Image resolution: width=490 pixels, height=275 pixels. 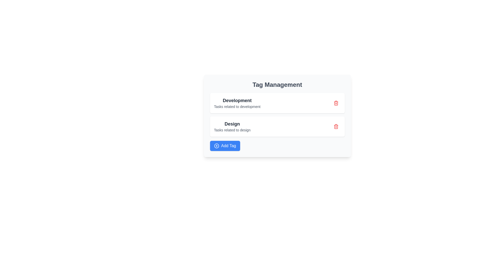 I want to click on the Text element that serves as the title or label for the 'Design' tag in the 'Tag Management' section, positioned above the description 'Tasks related to design', so click(x=232, y=124).